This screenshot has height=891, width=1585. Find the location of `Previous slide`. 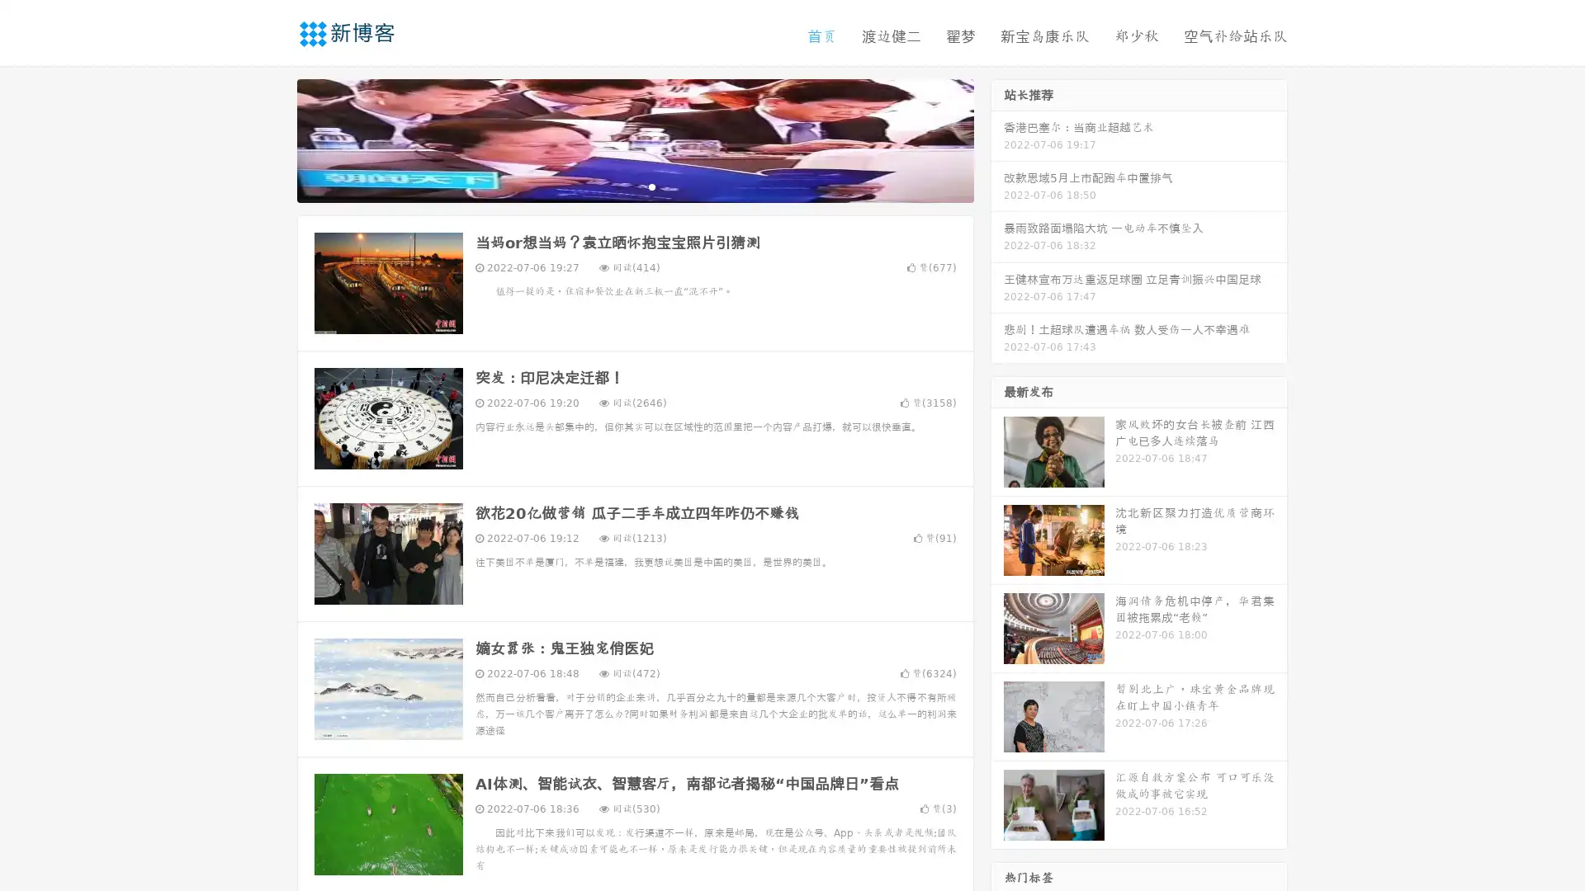

Previous slide is located at coordinates (272, 139).